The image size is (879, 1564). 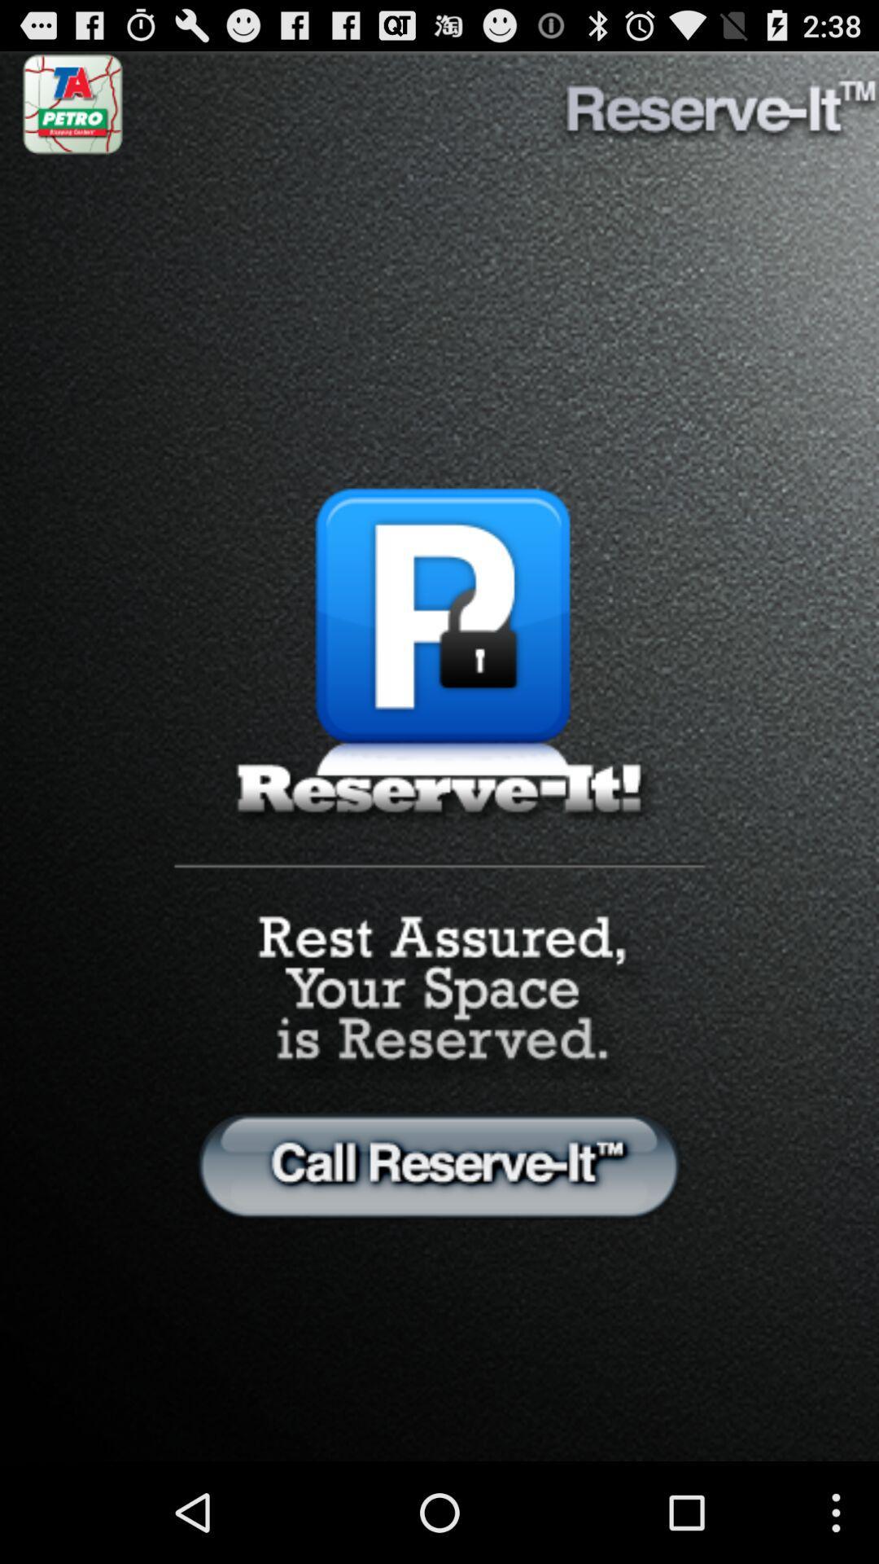 I want to click on make a call, so click(x=439, y=1164).